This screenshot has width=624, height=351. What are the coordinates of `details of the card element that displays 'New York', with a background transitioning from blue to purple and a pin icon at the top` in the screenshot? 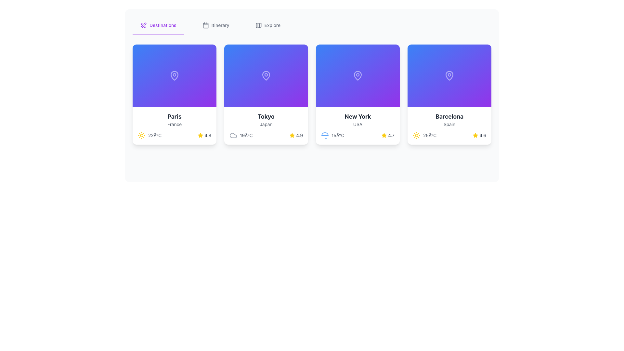 It's located at (357, 94).